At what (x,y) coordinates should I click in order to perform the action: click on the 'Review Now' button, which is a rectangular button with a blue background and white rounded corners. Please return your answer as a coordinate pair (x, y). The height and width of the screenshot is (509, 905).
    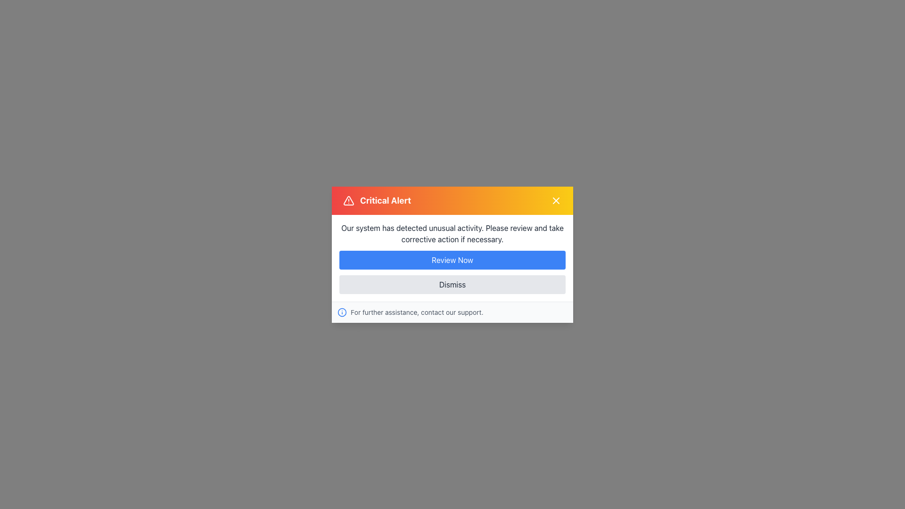
    Looking at the image, I should click on (452, 260).